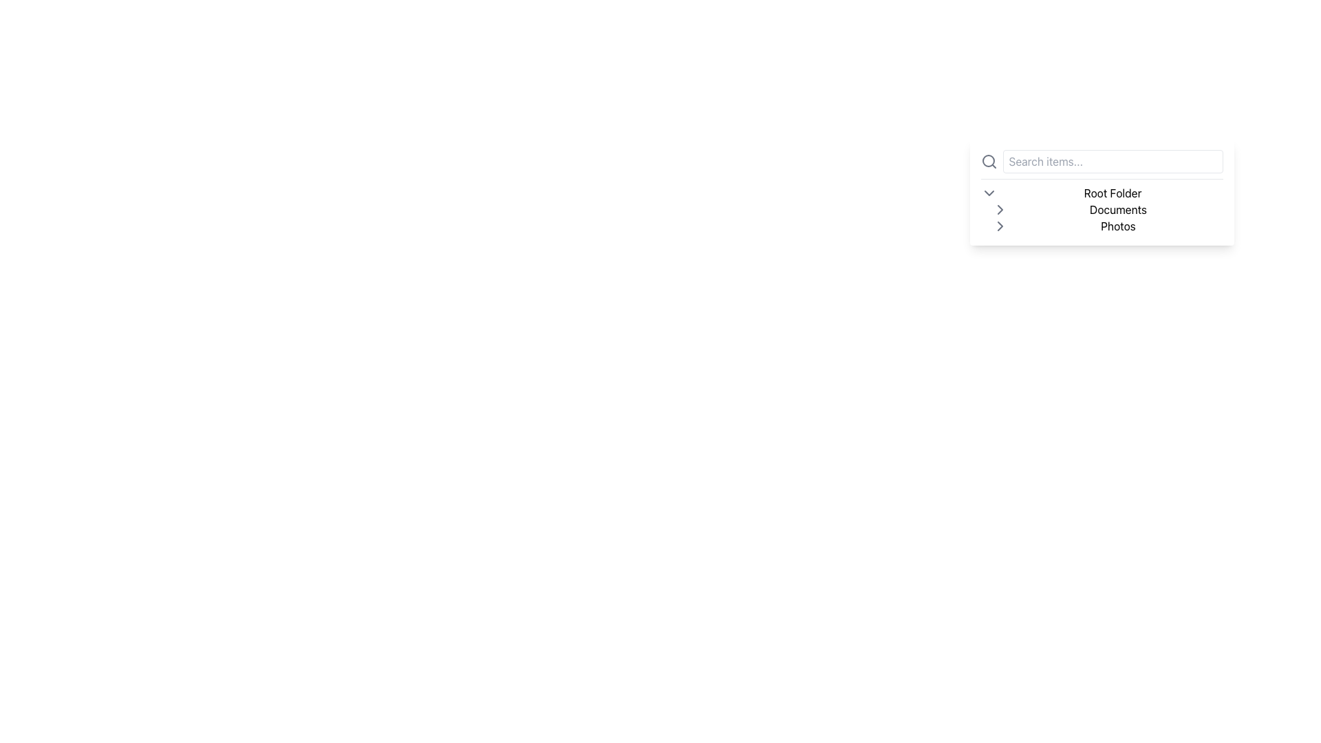 Image resolution: width=1321 pixels, height=743 pixels. What do you see at coordinates (1102, 209) in the screenshot?
I see `the 'Documents' folder label in the file explorer` at bounding box center [1102, 209].